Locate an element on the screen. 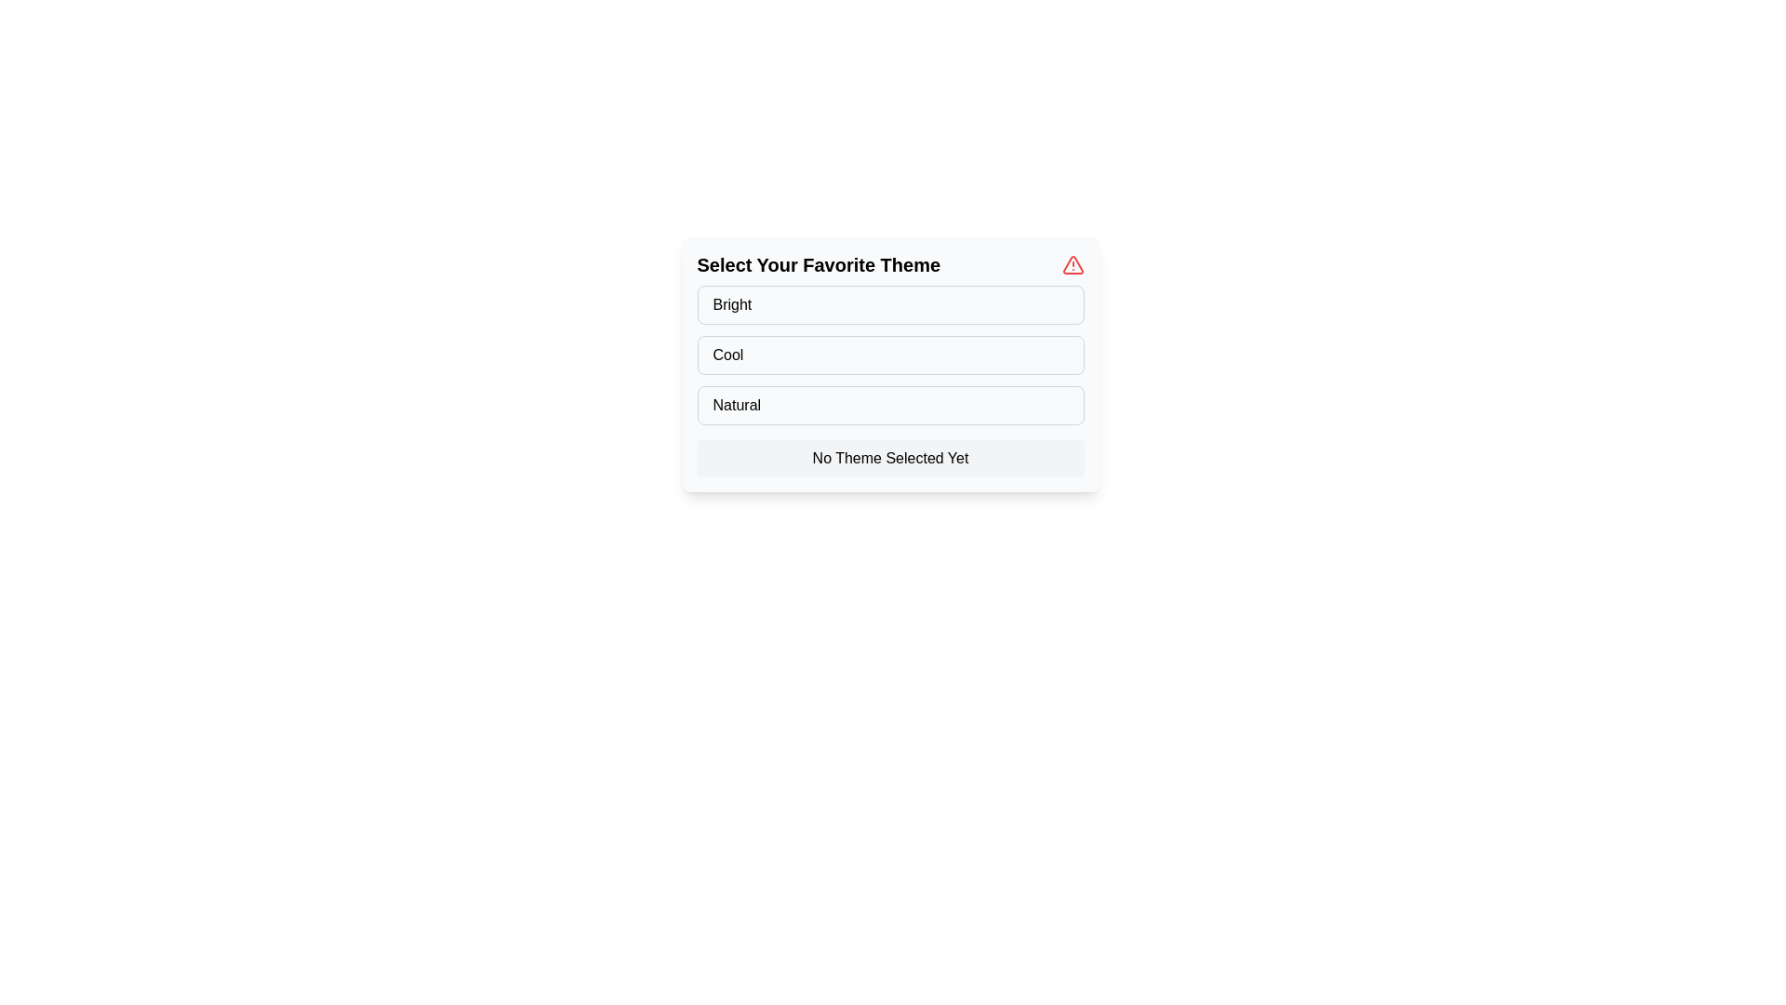 This screenshot has width=1786, height=1005. the text label displaying the theme name 'Bright', which is the first option under 'Select Your Favorite Theme' is located at coordinates (731, 303).